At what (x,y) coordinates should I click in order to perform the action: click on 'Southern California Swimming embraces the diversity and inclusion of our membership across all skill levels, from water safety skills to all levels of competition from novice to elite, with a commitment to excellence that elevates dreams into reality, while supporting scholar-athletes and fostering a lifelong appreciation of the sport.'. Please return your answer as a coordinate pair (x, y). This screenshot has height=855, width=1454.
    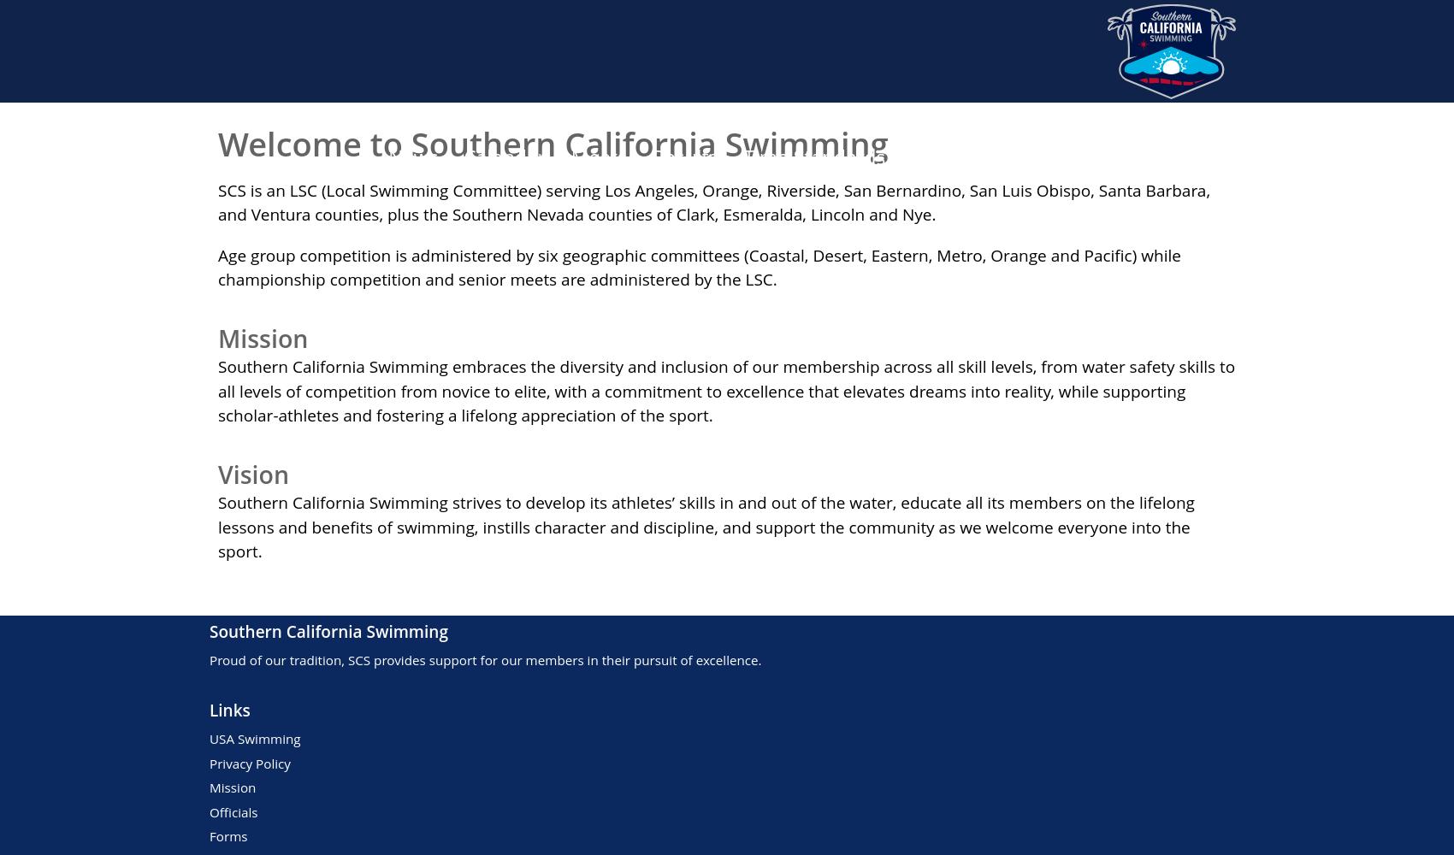
    Looking at the image, I should click on (218, 390).